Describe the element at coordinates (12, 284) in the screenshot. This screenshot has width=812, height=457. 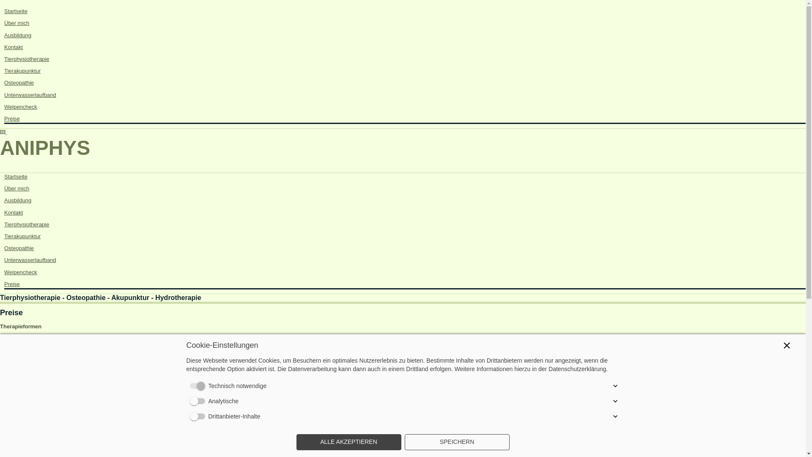
I see `'Preise'` at that location.